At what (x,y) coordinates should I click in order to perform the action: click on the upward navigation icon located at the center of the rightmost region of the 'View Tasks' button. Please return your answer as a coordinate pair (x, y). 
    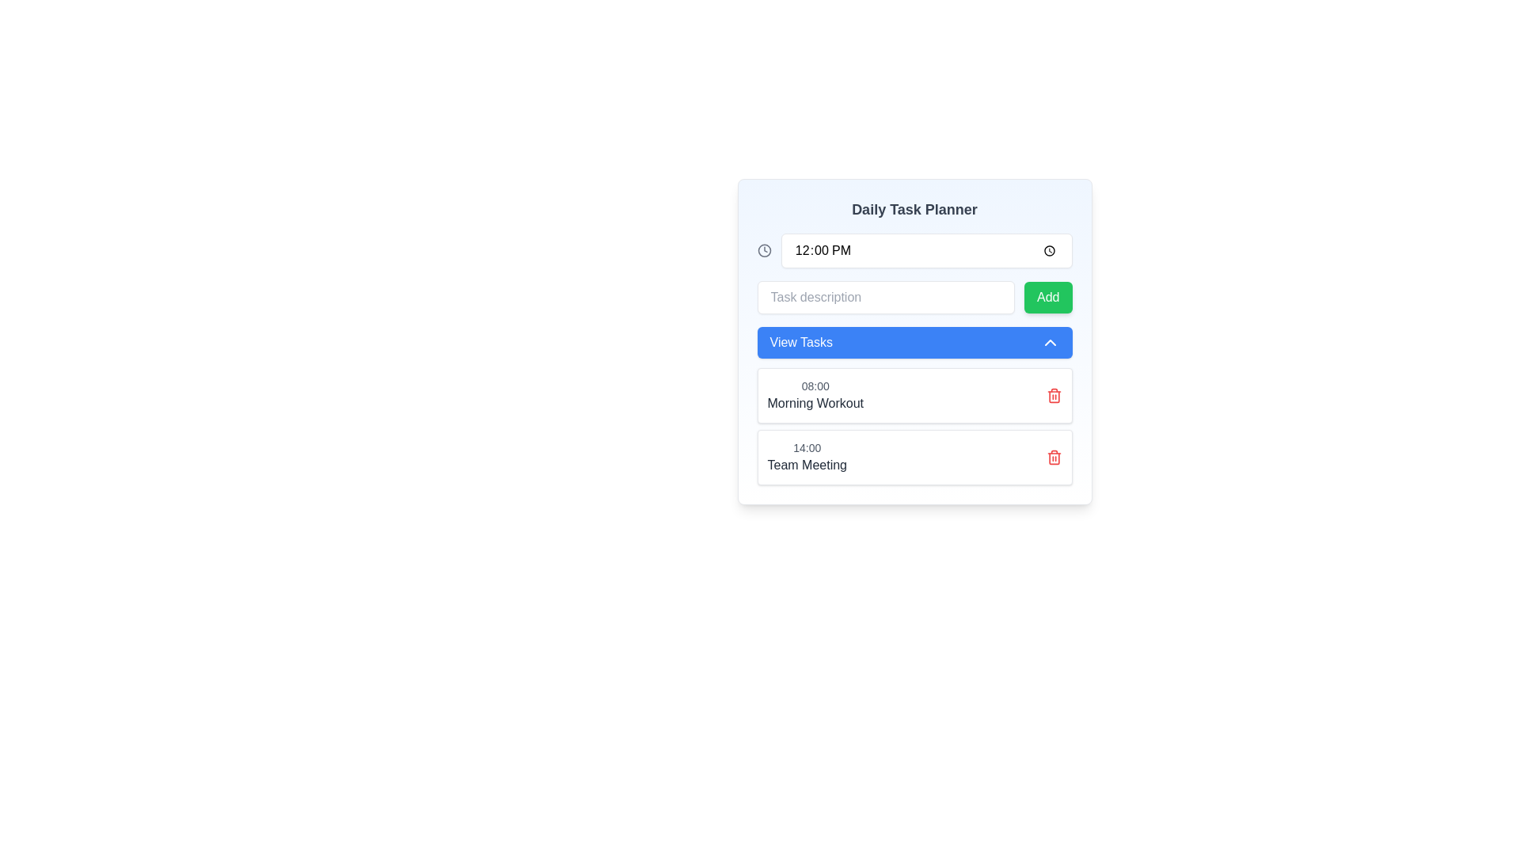
    Looking at the image, I should click on (1050, 341).